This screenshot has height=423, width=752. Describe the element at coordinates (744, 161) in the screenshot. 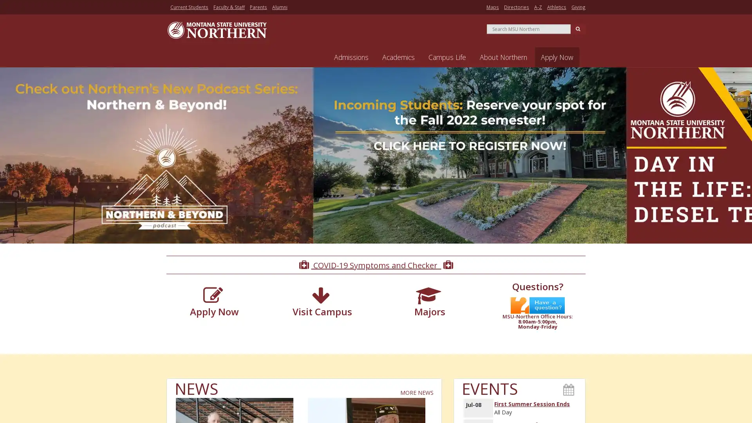

I see `next` at that location.